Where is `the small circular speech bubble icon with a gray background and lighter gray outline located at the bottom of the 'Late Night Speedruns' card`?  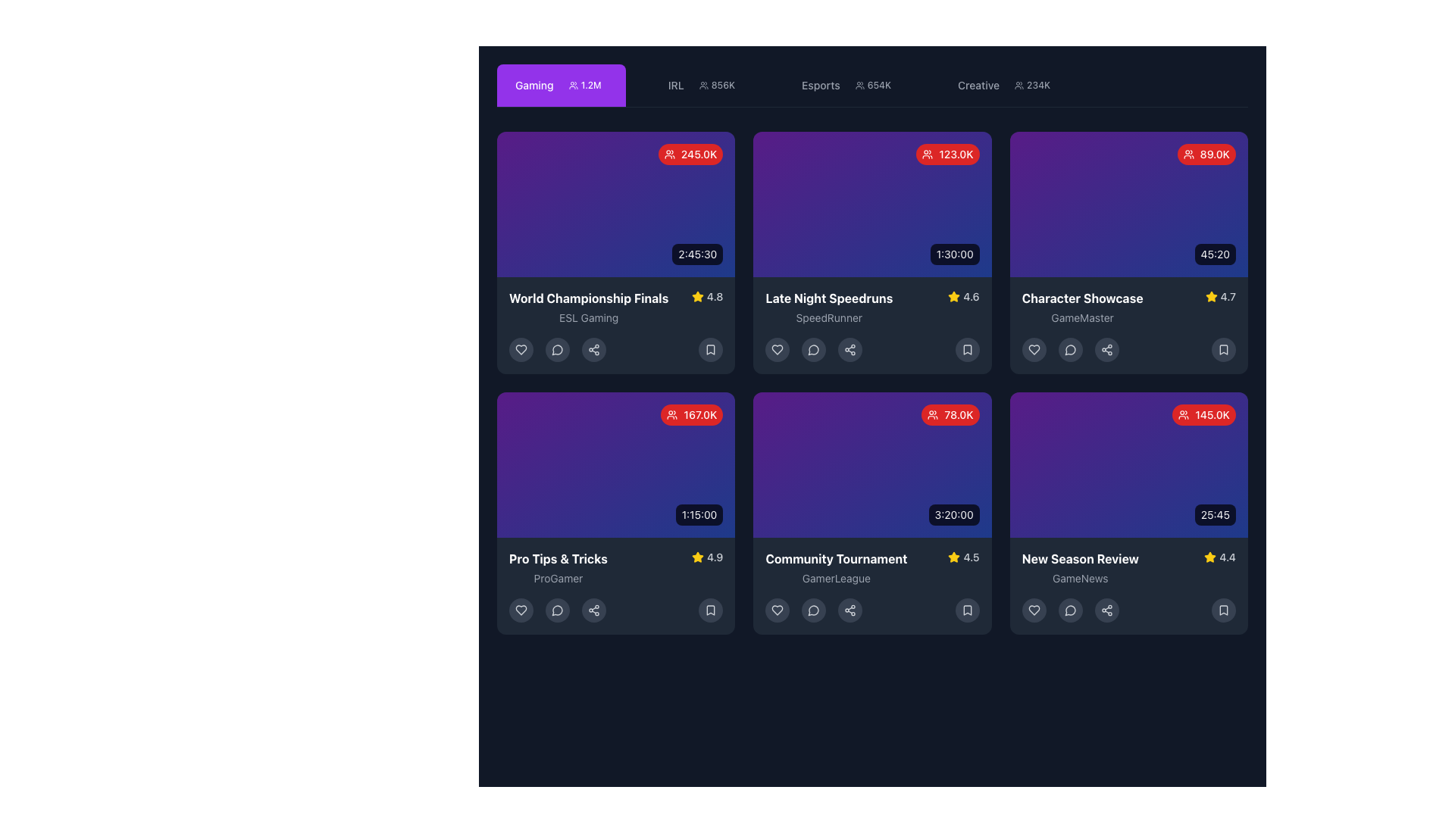 the small circular speech bubble icon with a gray background and lighter gray outline located at the bottom of the 'Late Night Speedruns' card is located at coordinates (813, 350).